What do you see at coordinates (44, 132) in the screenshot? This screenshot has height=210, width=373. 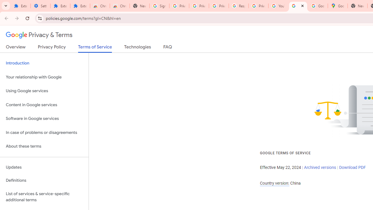 I see `'In case of problems or disagreements'` at bounding box center [44, 132].